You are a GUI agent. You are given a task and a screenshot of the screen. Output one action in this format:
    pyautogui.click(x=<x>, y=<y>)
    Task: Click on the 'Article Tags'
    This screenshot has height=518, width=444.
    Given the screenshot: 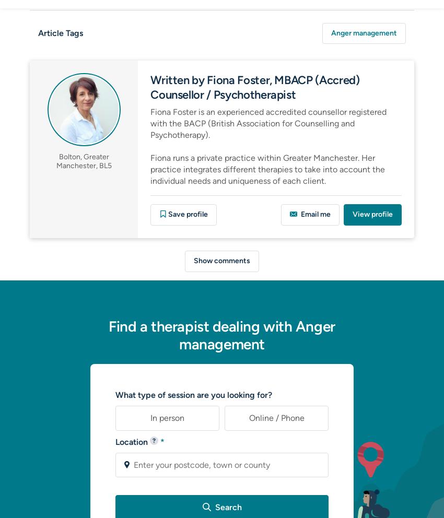 What is the action you would take?
    pyautogui.click(x=60, y=33)
    